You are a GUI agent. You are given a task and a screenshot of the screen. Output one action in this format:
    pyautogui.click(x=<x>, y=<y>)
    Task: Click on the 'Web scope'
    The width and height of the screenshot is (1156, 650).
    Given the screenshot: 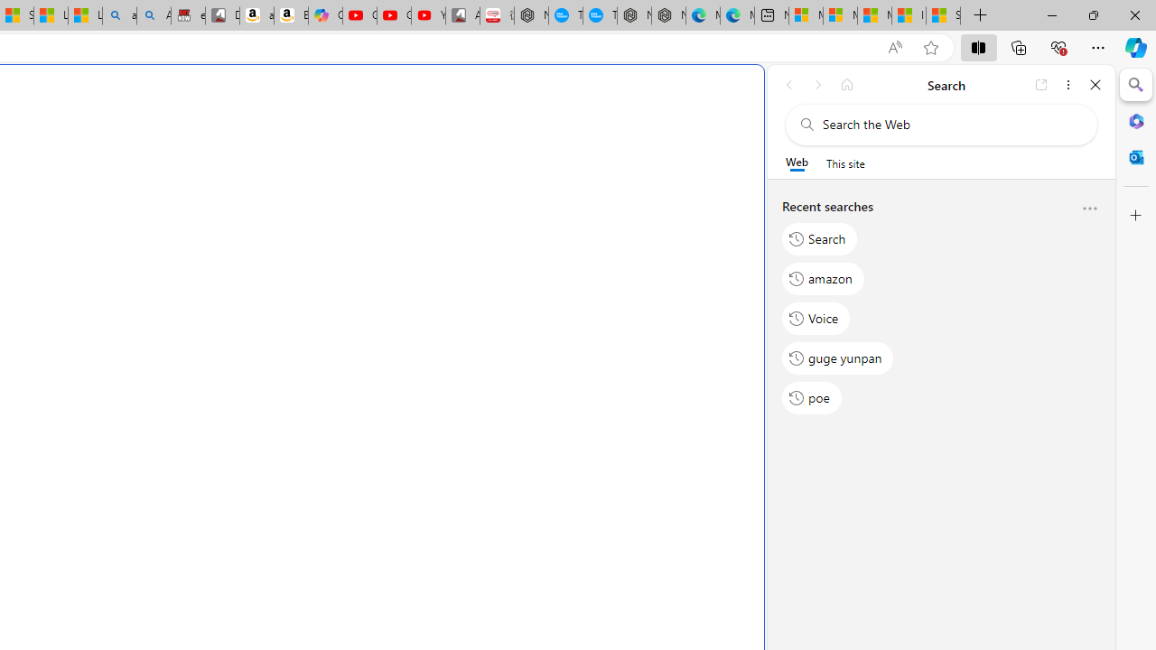 What is the action you would take?
    pyautogui.click(x=796, y=162)
    